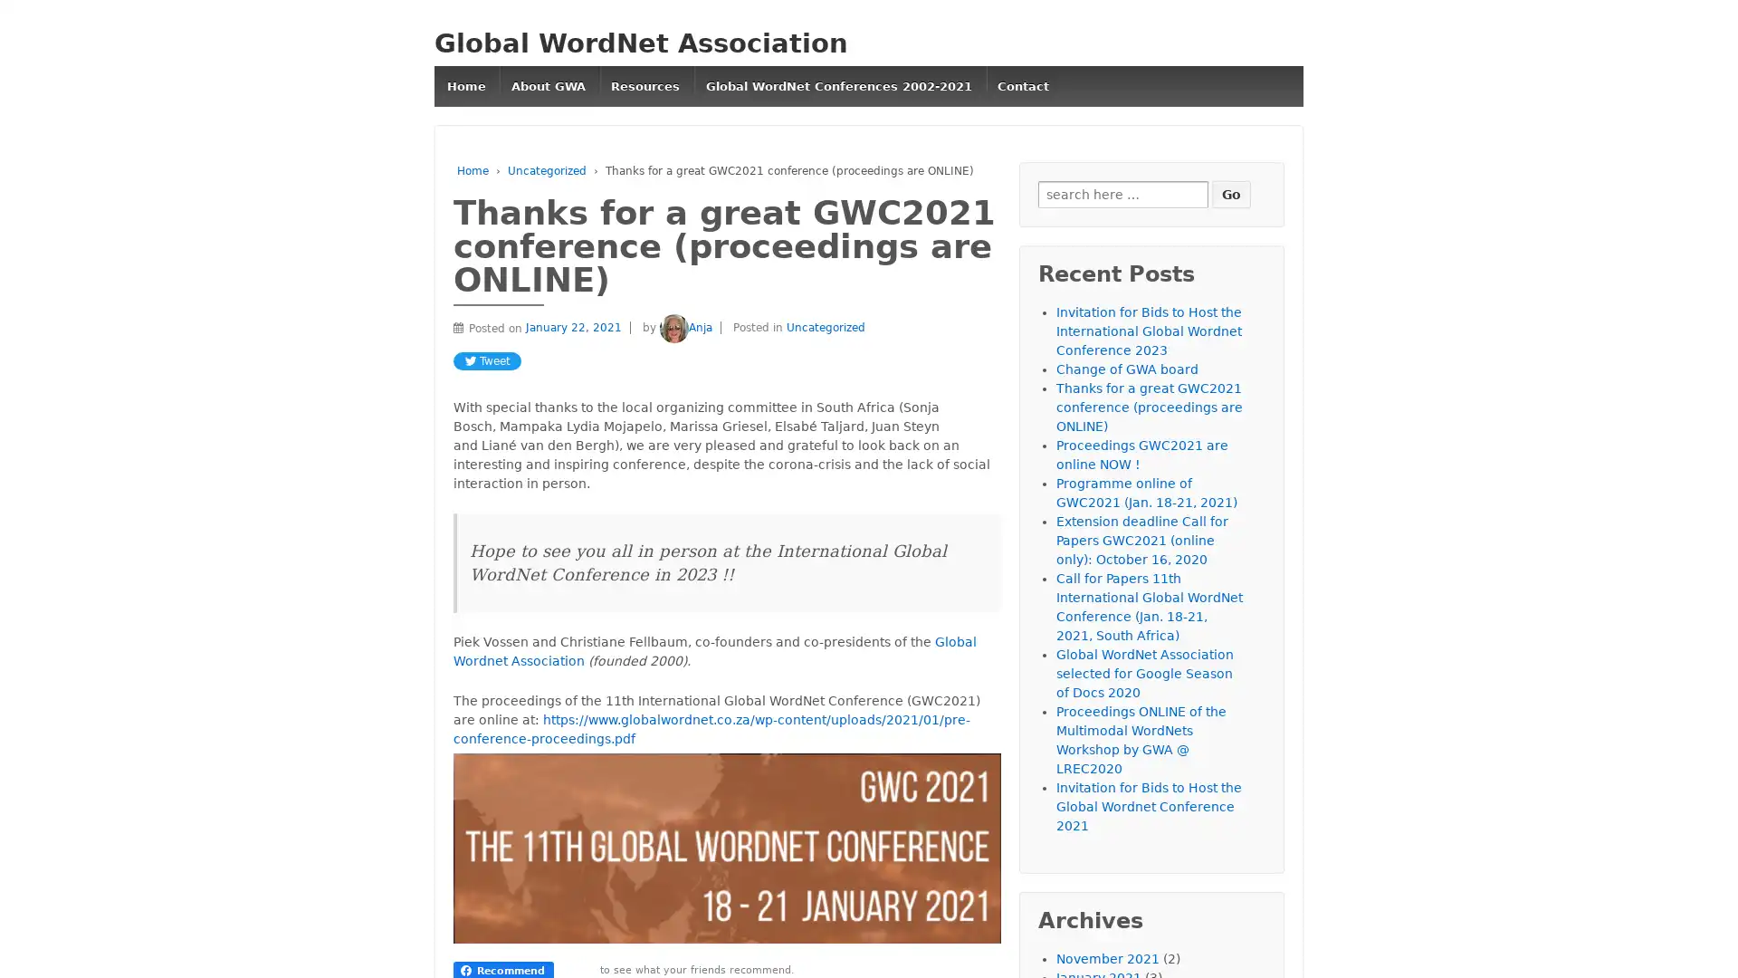 This screenshot has width=1738, height=978. Describe the element at coordinates (1231, 193) in the screenshot. I see `Go` at that location.